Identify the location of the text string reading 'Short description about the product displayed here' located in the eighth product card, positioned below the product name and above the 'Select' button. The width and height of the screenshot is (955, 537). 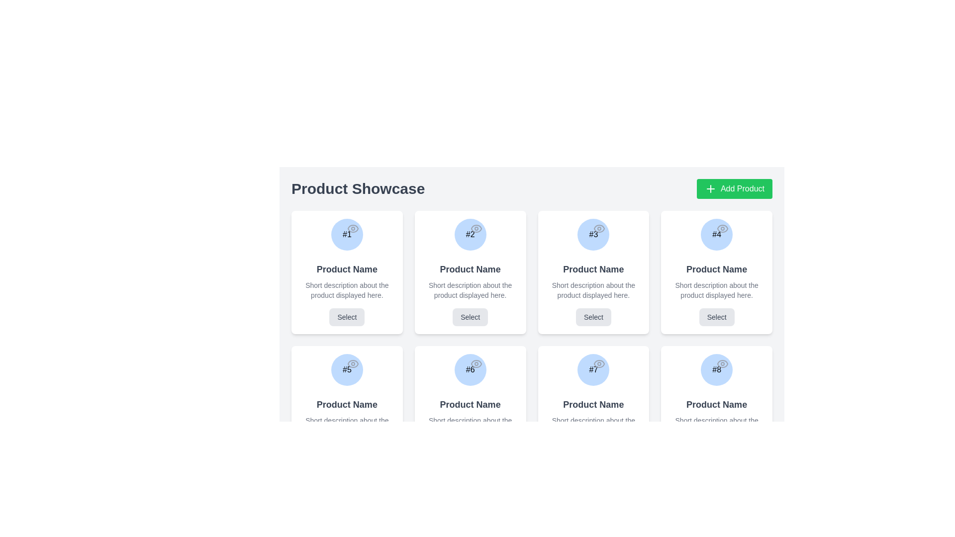
(717, 425).